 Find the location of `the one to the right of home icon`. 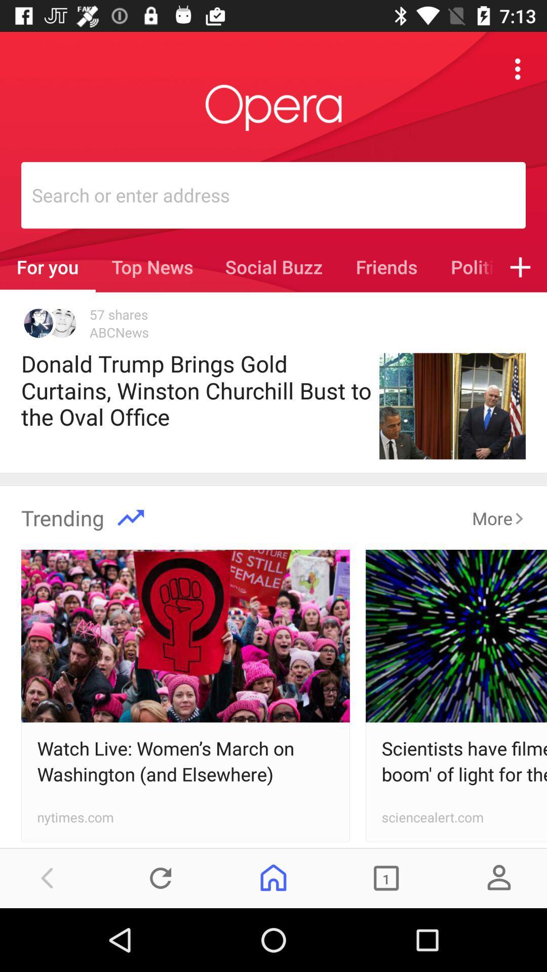

the one to the right of home icon is located at coordinates (386, 877).